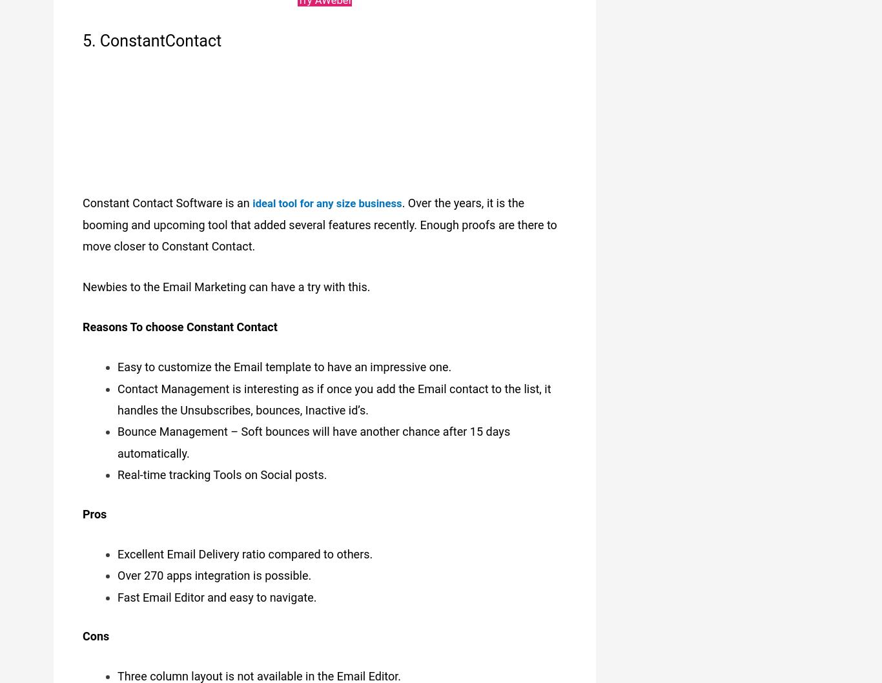 Image resolution: width=882 pixels, height=683 pixels. I want to click on 'Excellent Email Delivery ratio compared to others.', so click(244, 547).